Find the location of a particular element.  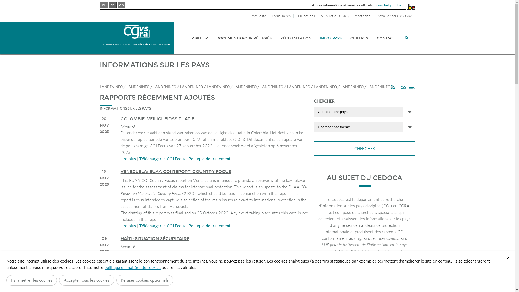

'Travailler pour le CGRA' is located at coordinates (394, 15).